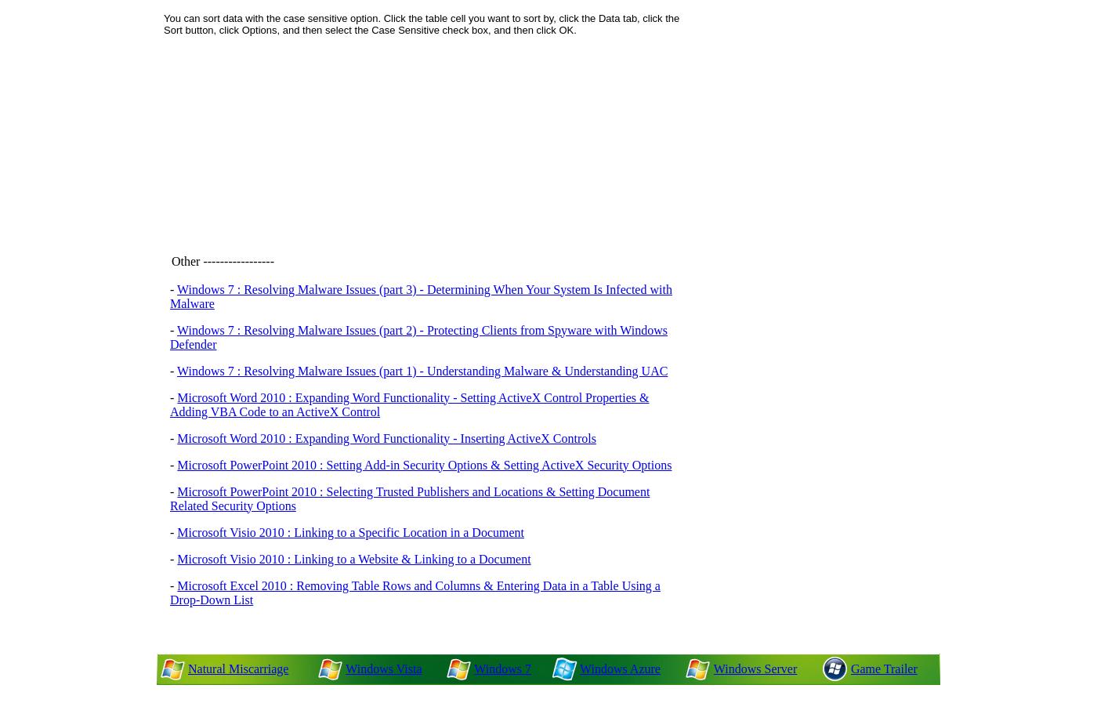 The width and height of the screenshot is (1097, 703). Describe the element at coordinates (386, 437) in the screenshot. I see `'Microsoft Word 2010 : Expanding Word Functionality - Inserting ActiveX Controls'` at that location.